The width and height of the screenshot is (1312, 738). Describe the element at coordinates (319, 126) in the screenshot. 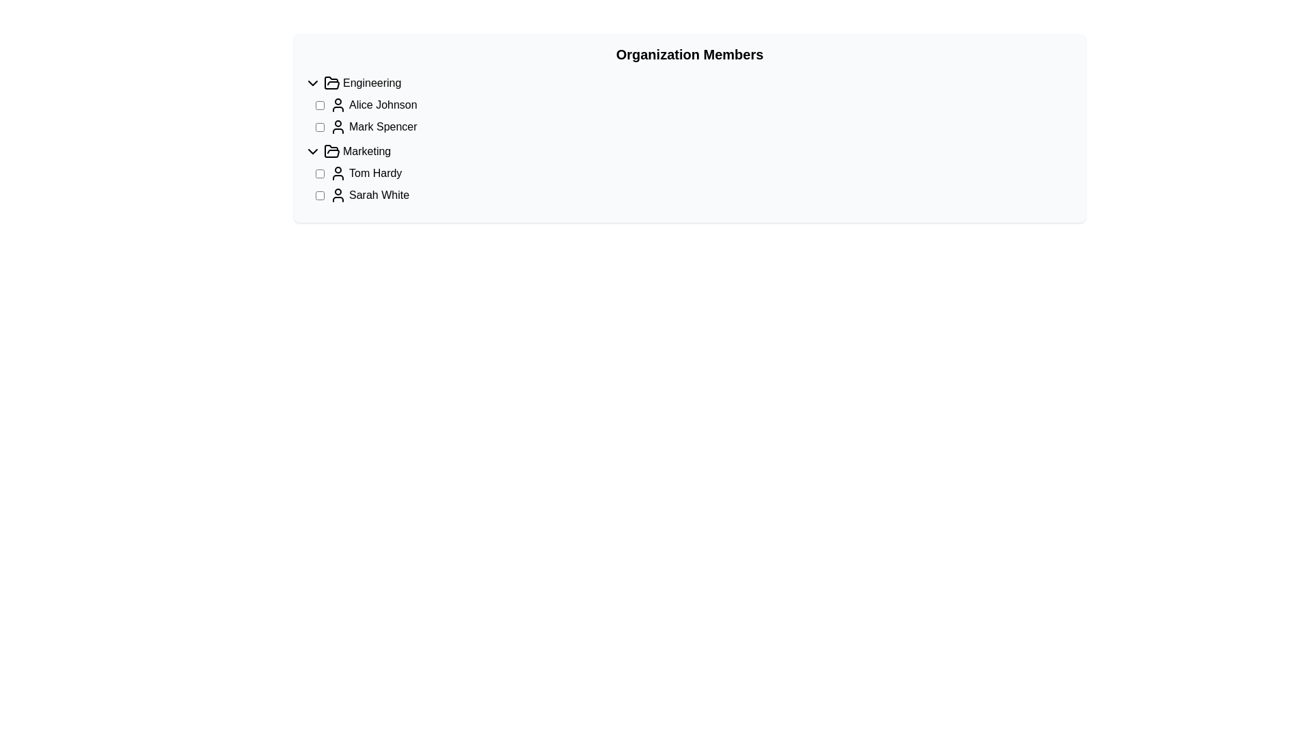

I see `the checkbox corresponding to the member Mark Spencer` at that location.